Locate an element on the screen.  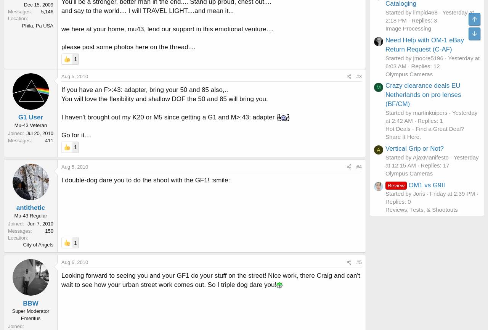
'Friday at 2:39 PM' is located at coordinates (452, 193).